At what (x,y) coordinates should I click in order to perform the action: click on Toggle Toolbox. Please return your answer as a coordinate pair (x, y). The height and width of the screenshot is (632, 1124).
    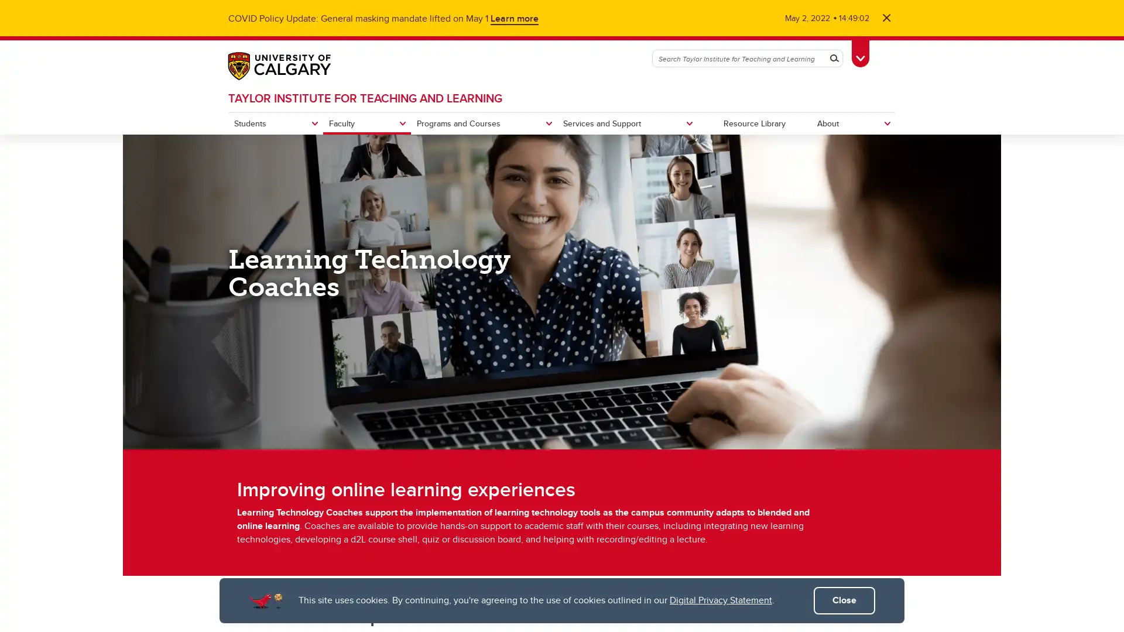
    Looking at the image, I should click on (860, 51).